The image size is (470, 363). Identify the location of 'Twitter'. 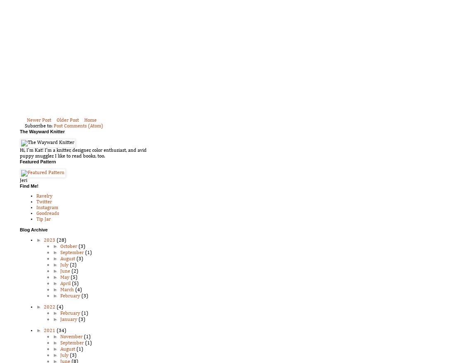
(43, 202).